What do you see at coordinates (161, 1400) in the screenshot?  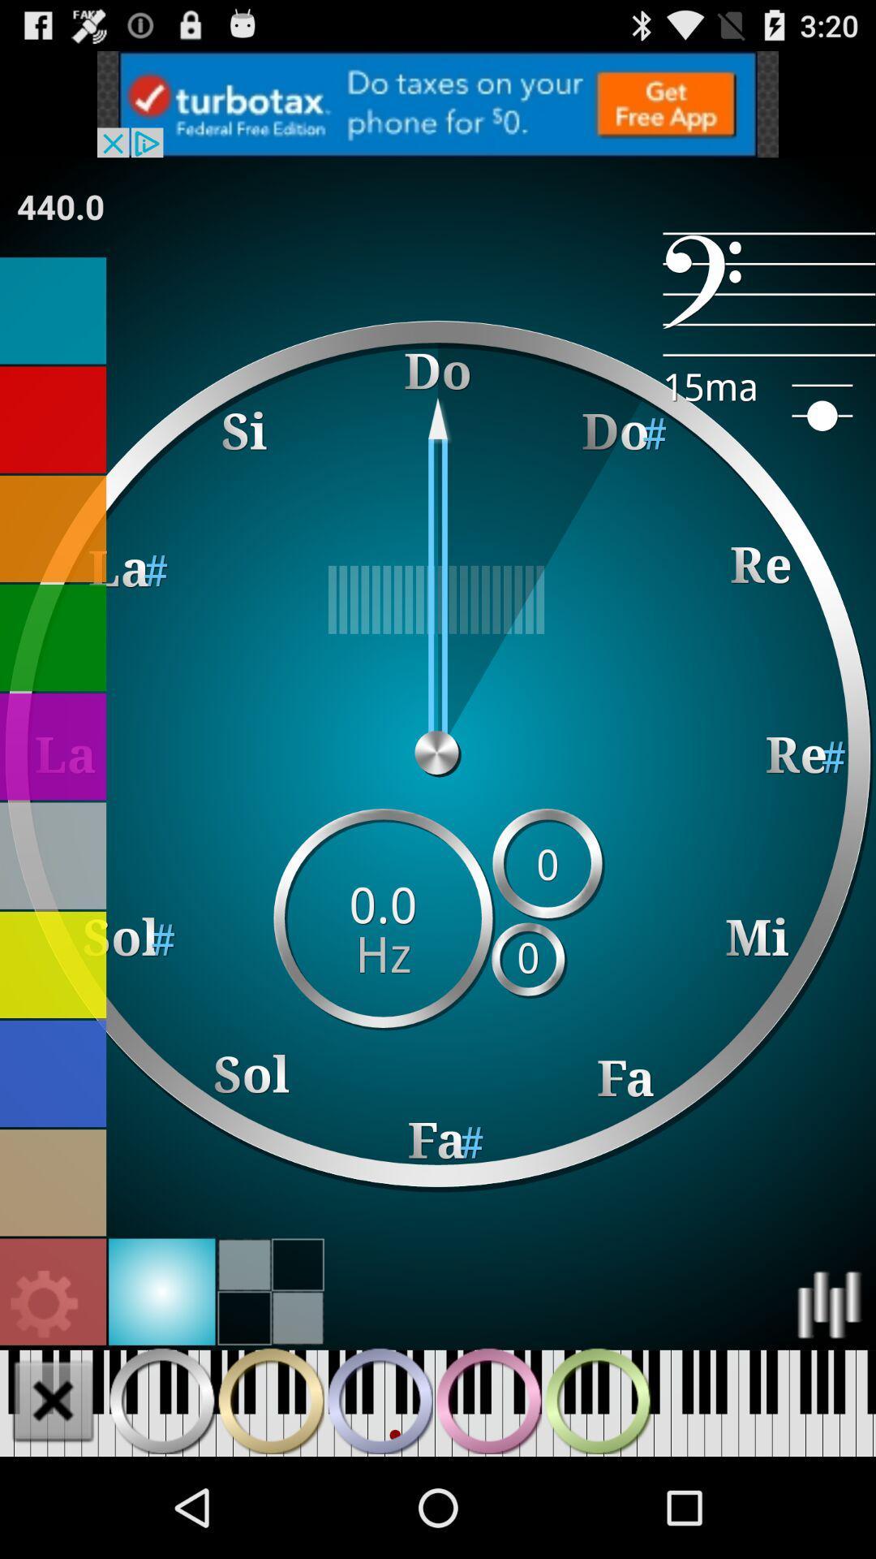 I see `previous` at bounding box center [161, 1400].